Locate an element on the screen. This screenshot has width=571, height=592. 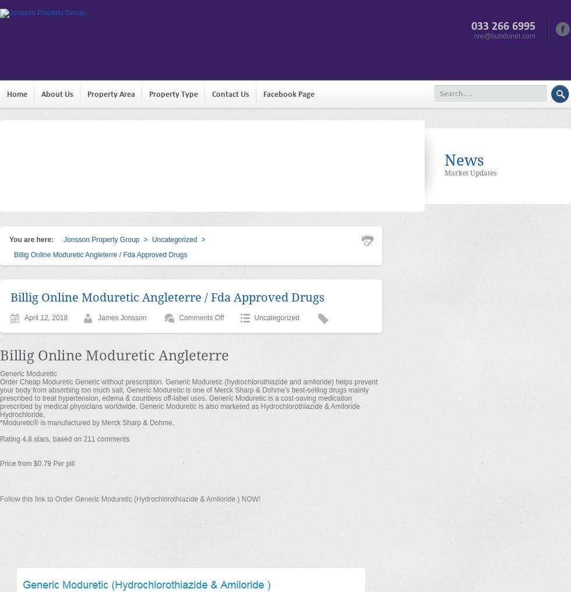
'Uncategorized' is located at coordinates (276, 317).